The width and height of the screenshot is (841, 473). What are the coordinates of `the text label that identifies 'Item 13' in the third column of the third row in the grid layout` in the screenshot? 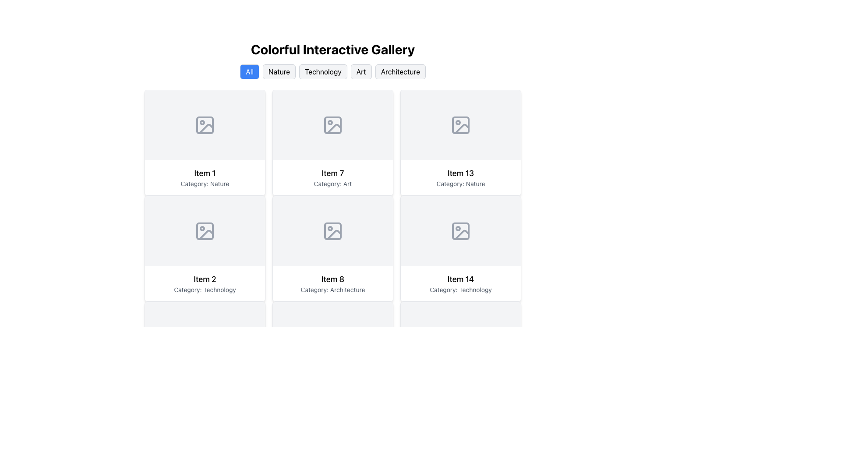 It's located at (460, 173).